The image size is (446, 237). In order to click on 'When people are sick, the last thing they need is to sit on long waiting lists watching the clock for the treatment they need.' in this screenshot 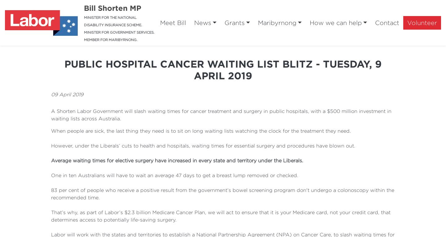, I will do `click(201, 131)`.